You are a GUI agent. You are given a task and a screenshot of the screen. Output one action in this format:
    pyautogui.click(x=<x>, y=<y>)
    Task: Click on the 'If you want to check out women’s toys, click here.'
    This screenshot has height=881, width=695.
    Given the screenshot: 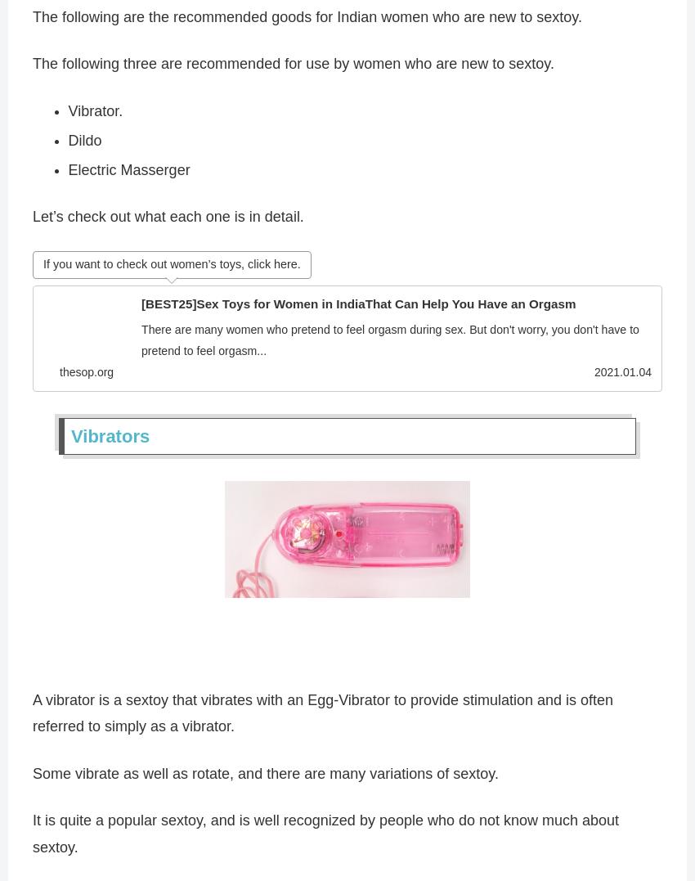 What is the action you would take?
    pyautogui.click(x=43, y=267)
    